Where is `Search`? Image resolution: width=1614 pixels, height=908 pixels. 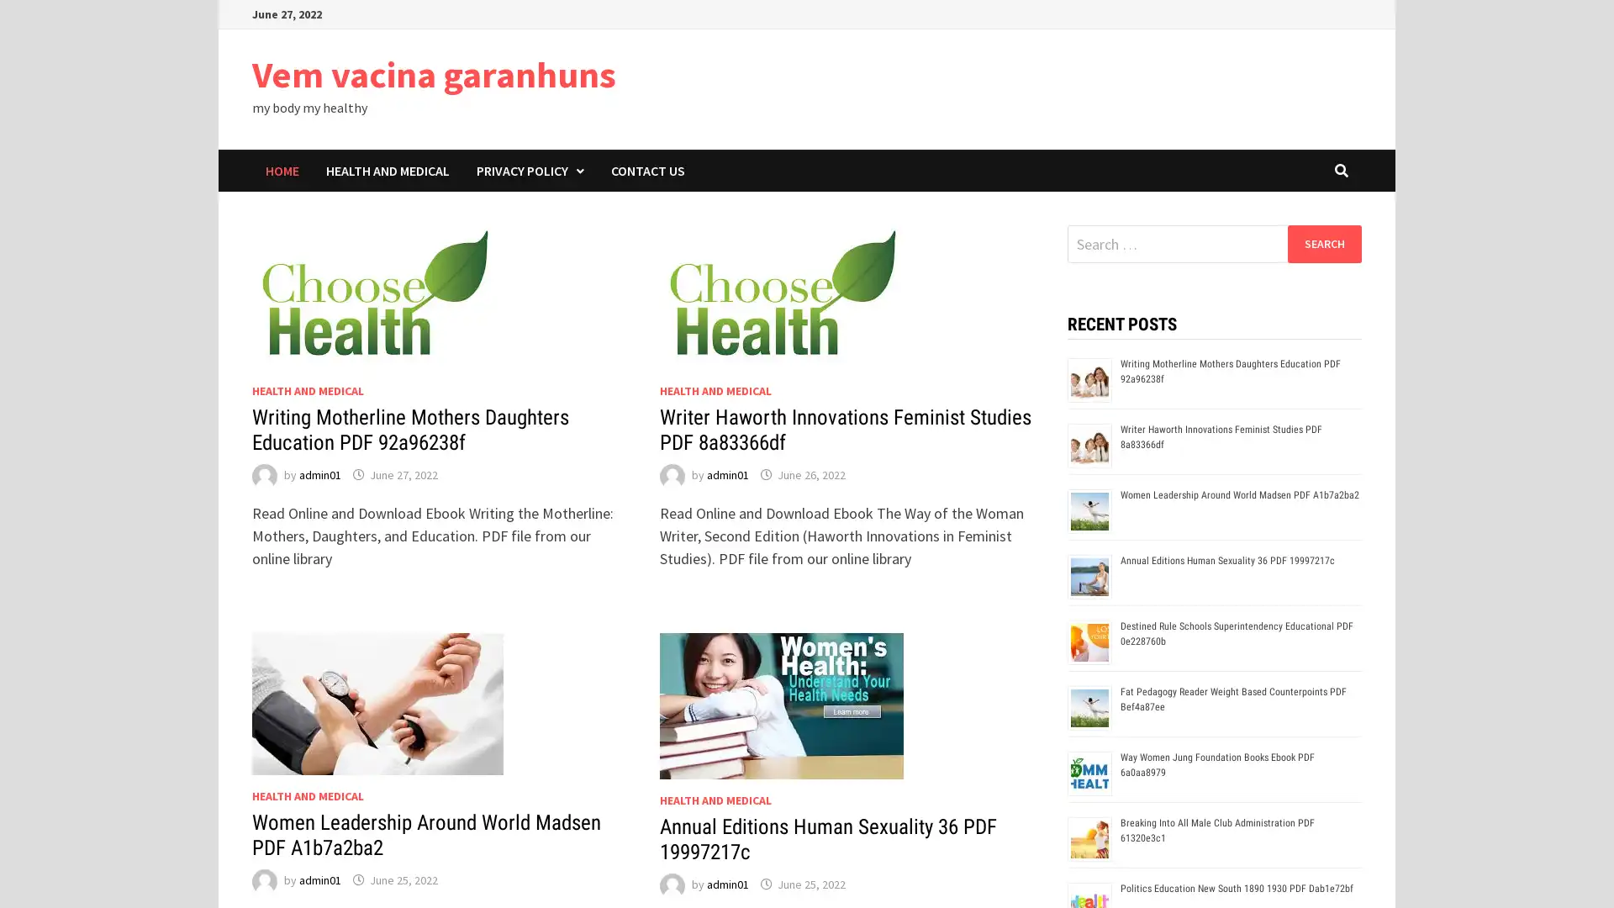
Search is located at coordinates (1323, 243).